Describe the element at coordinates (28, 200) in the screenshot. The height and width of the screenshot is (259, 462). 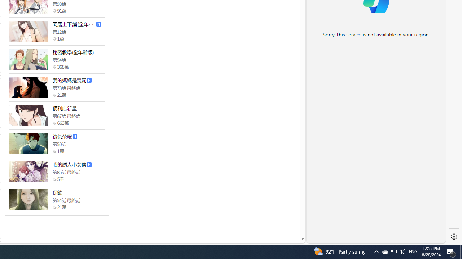
I see `'Class: thumb_img'` at that location.